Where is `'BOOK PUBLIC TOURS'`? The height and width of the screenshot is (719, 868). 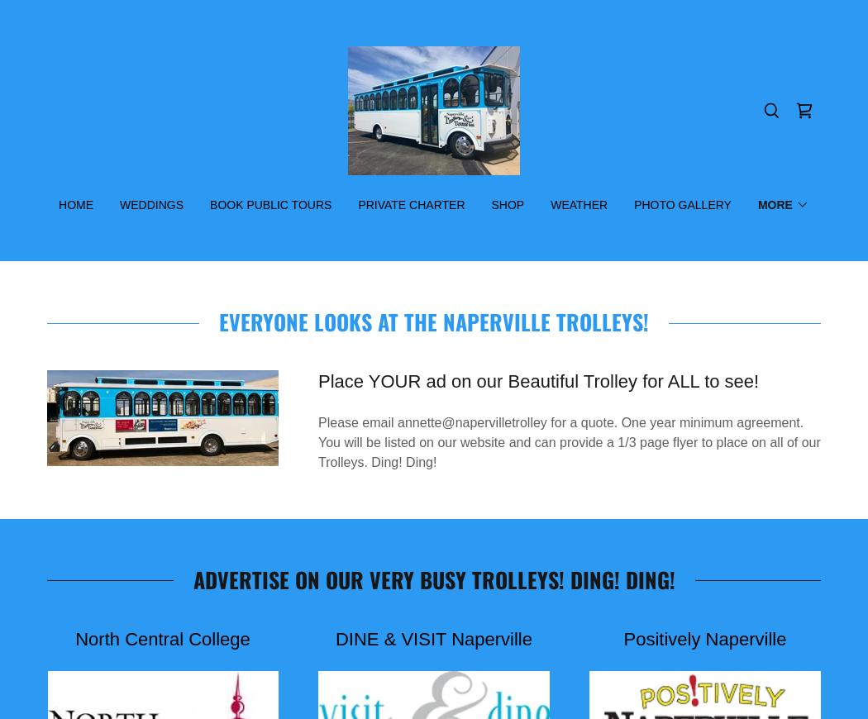
'BOOK PUBLIC TOURS' is located at coordinates (209, 205).